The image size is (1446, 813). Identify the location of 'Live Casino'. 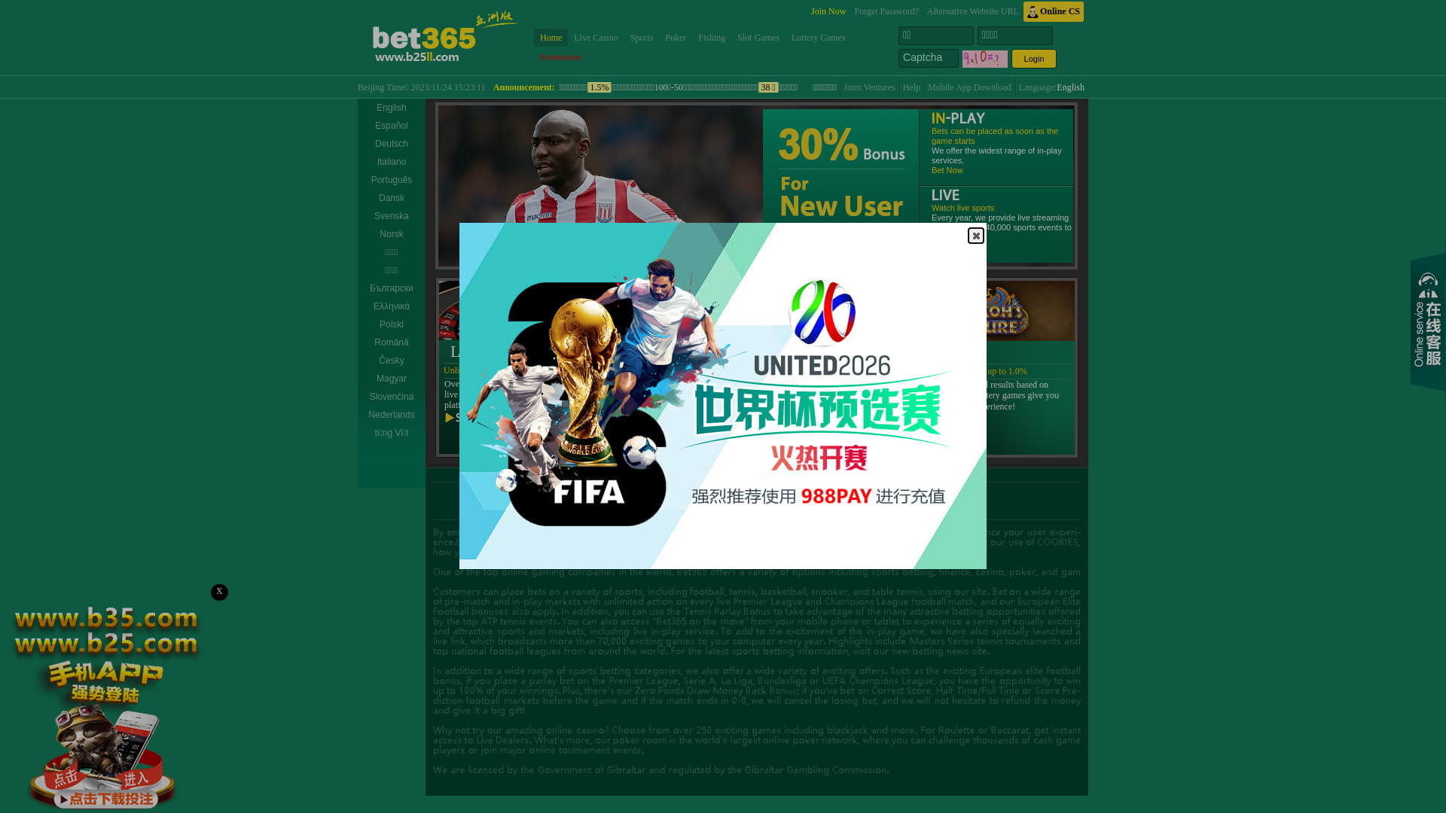
(595, 37).